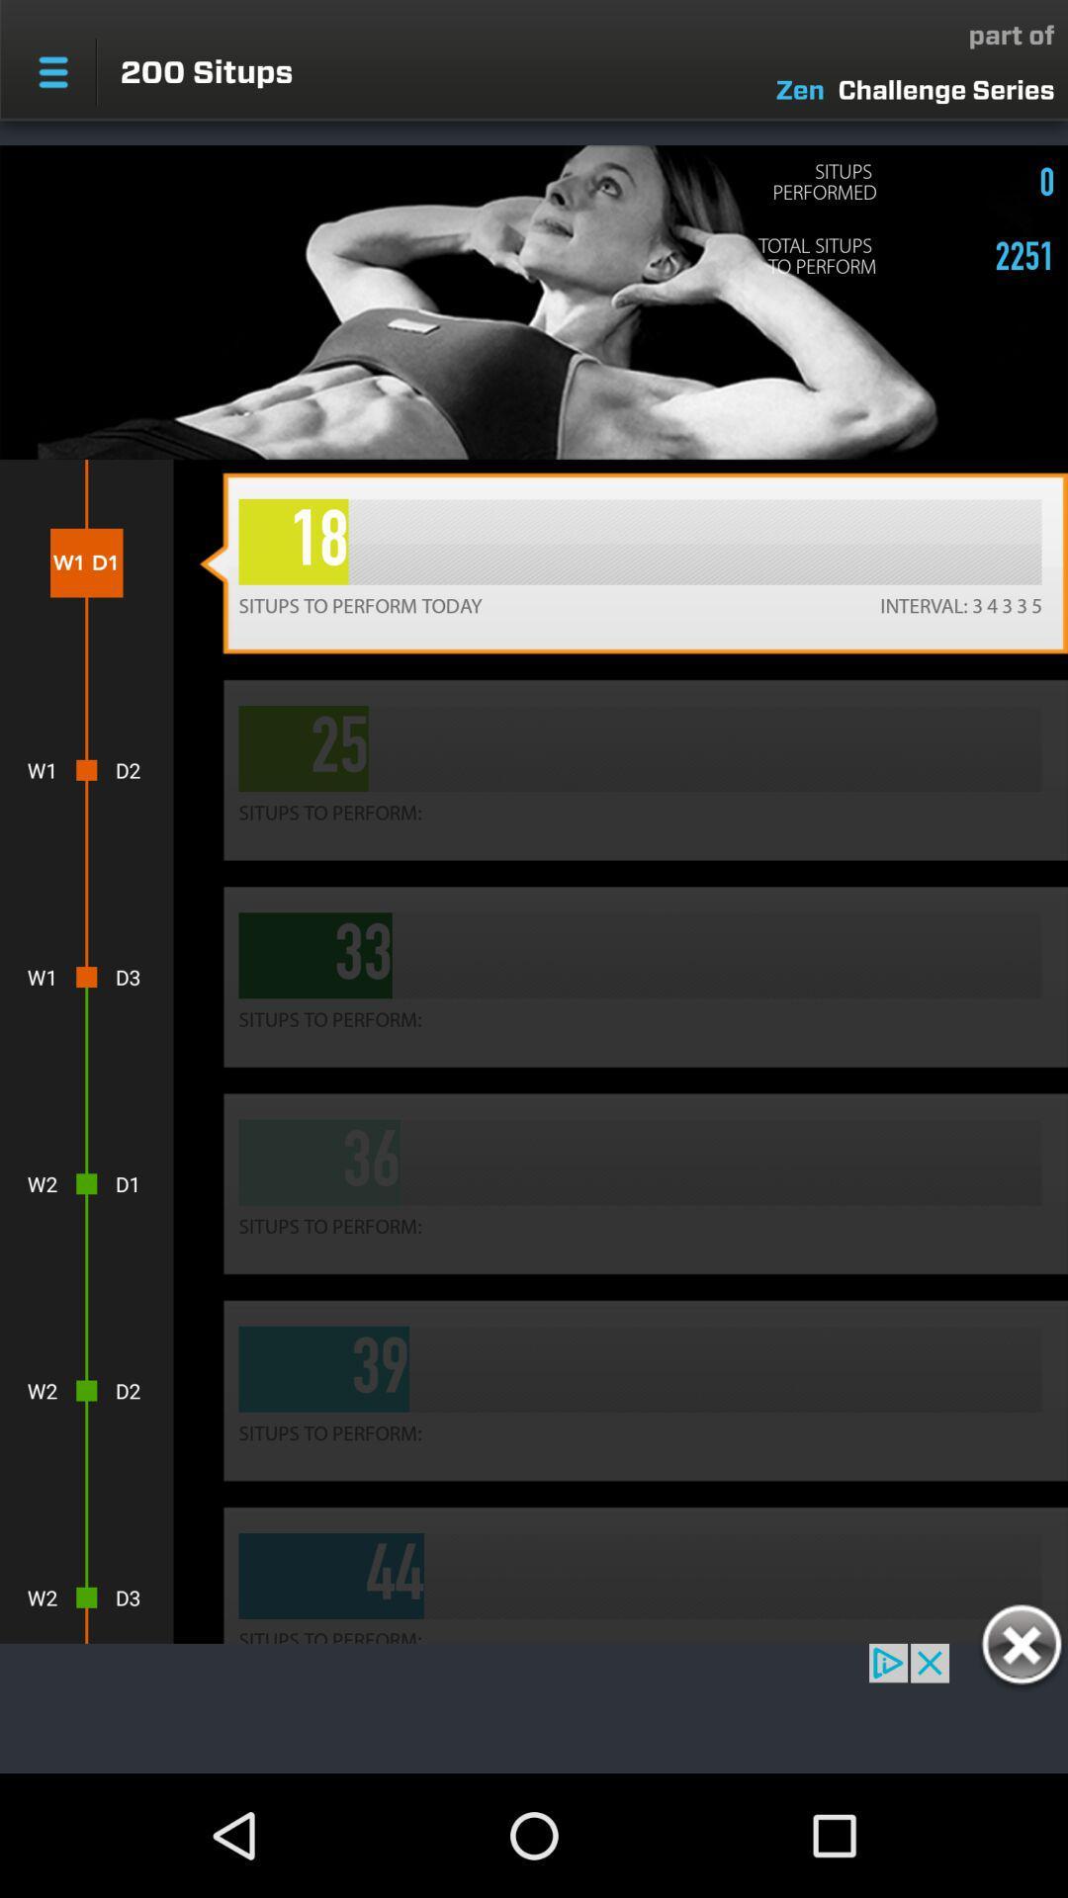 This screenshot has width=1068, height=1898. Describe the element at coordinates (52, 72) in the screenshot. I see `options menu` at that location.